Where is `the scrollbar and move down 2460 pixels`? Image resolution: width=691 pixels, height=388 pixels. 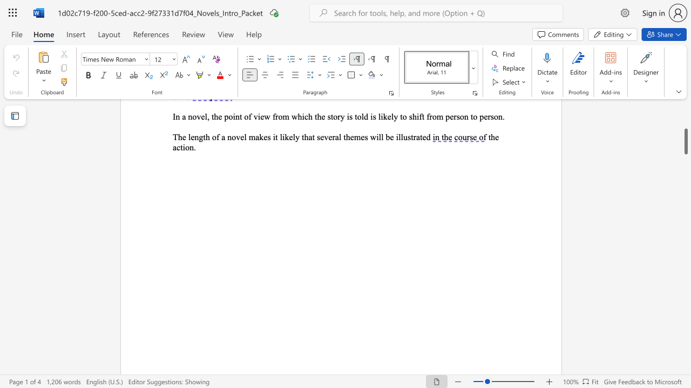
the scrollbar and move down 2460 pixels is located at coordinates (685, 141).